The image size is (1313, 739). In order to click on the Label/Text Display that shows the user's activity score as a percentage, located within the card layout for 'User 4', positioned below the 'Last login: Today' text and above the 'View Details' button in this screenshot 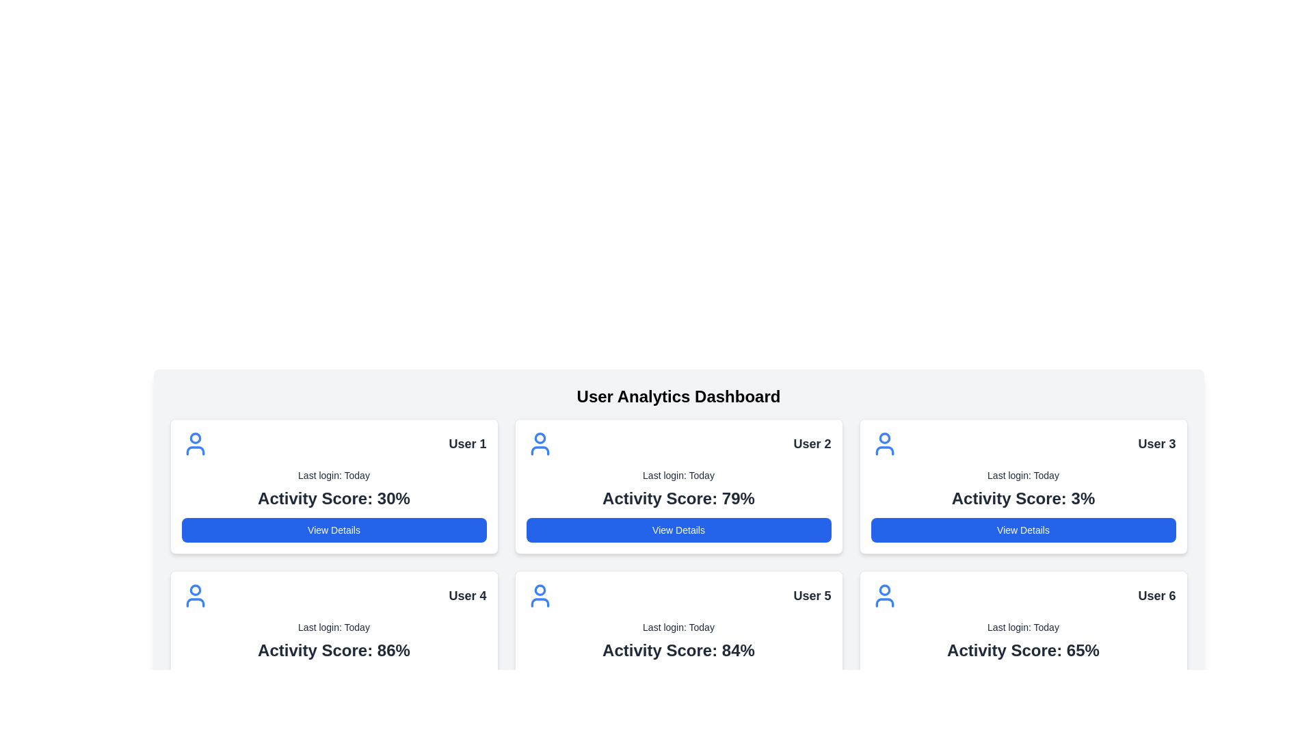, I will do `click(334, 650)`.